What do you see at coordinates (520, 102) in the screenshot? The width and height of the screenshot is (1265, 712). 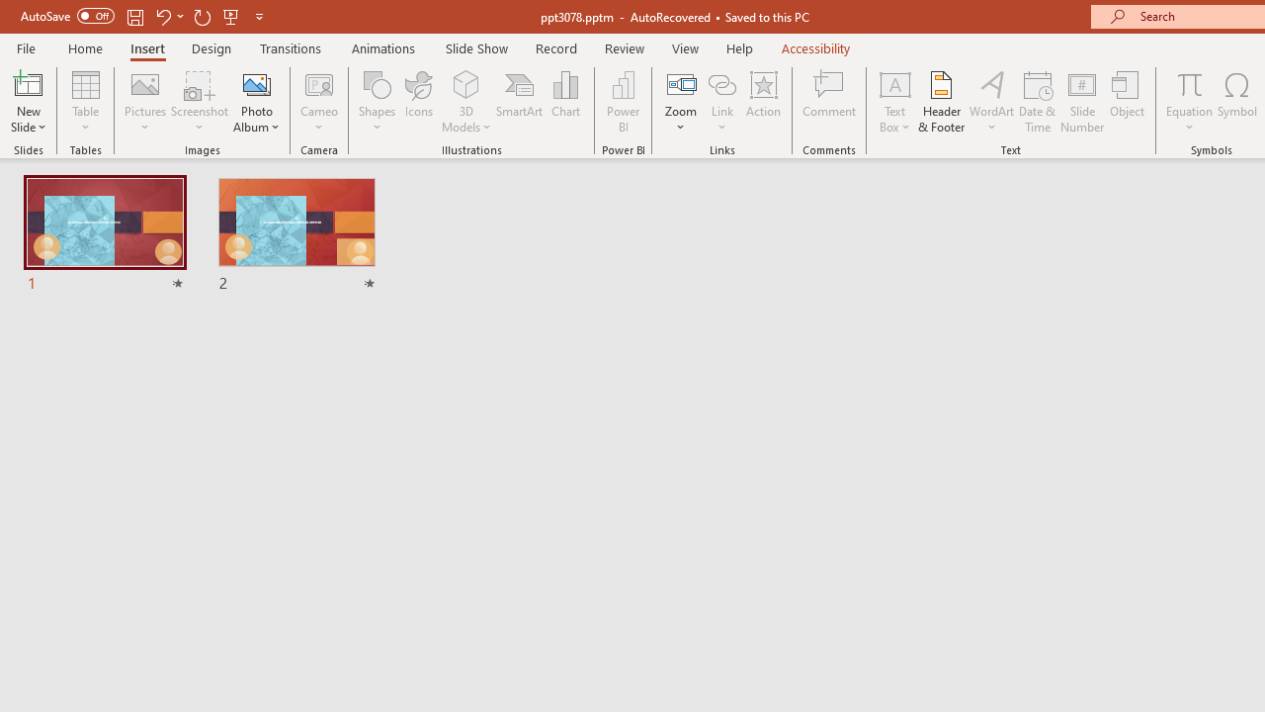 I see `'SmartArt...'` at bounding box center [520, 102].